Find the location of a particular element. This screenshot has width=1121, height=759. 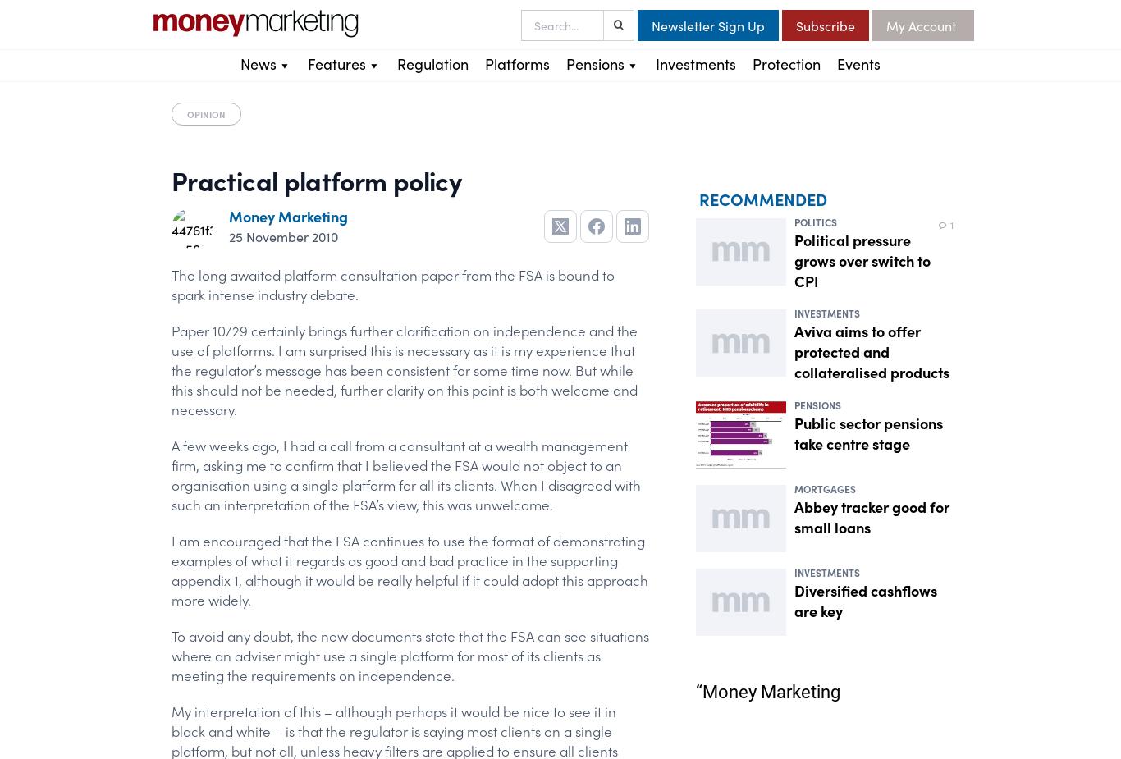

'The long awaited platform consultation paper from the FSA is bound to spark intense industry debate.' is located at coordinates (170, 283).